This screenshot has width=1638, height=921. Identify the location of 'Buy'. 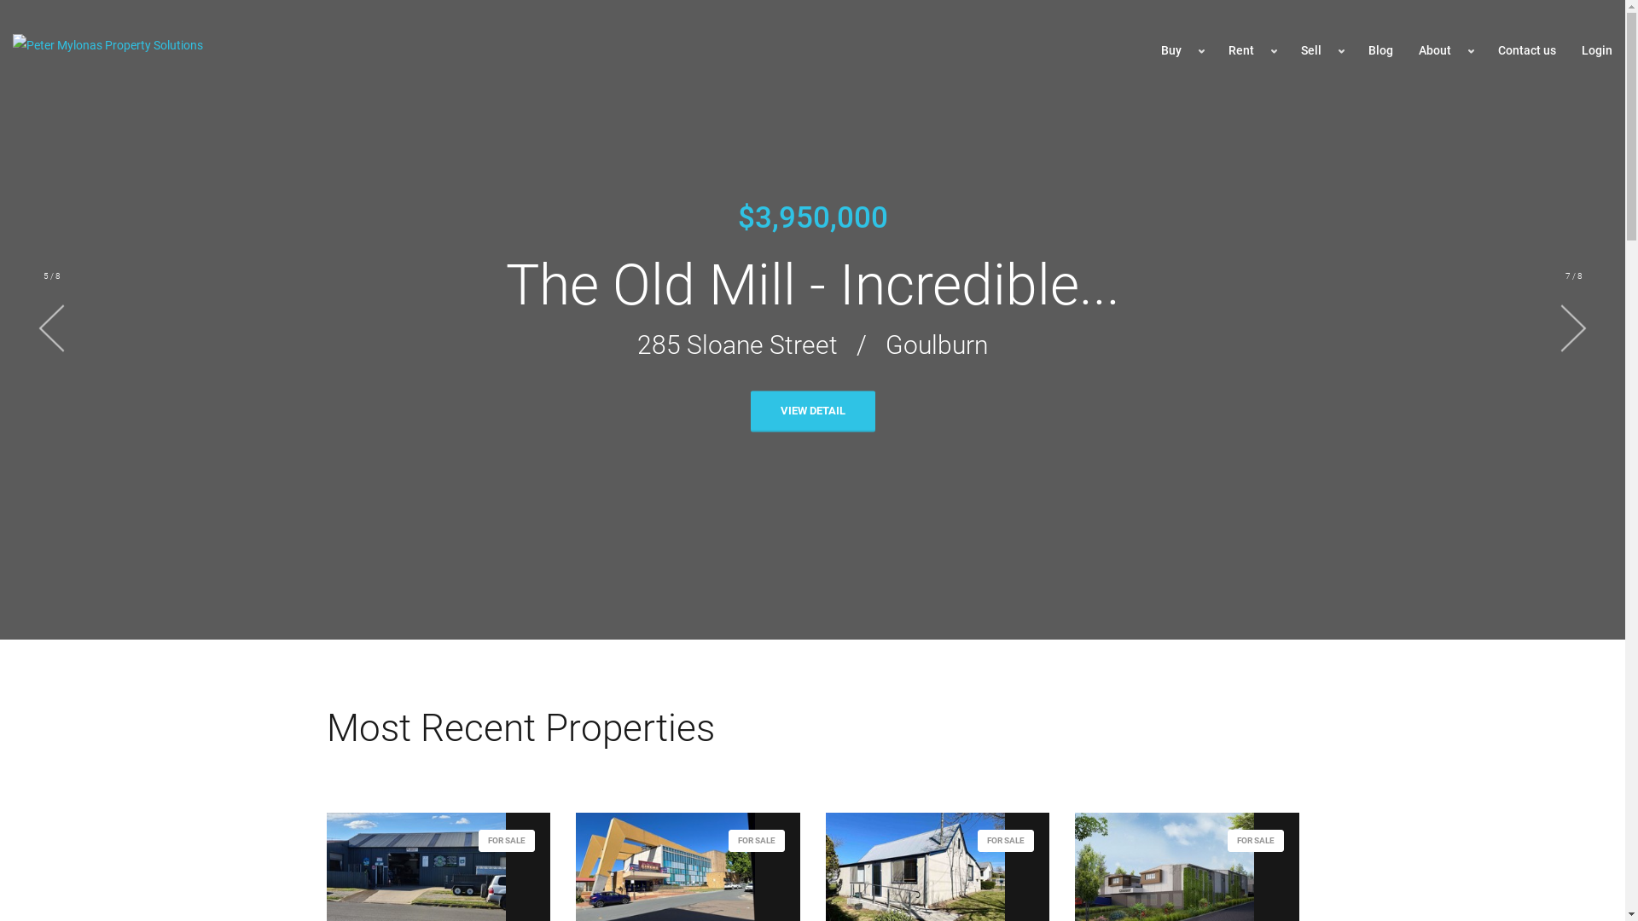
(1181, 49).